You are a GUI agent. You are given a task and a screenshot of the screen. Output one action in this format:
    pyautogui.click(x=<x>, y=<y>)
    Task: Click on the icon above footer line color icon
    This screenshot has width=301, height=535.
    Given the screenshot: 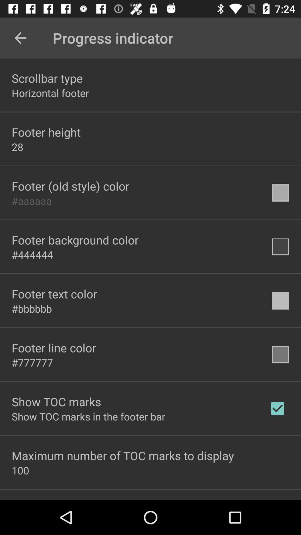 What is the action you would take?
    pyautogui.click(x=32, y=308)
    